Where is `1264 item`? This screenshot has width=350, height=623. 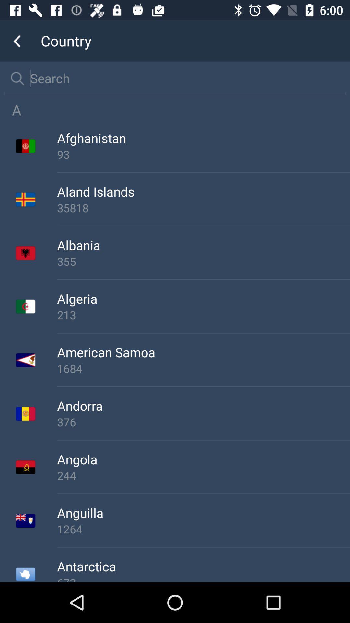
1264 item is located at coordinates (203, 529).